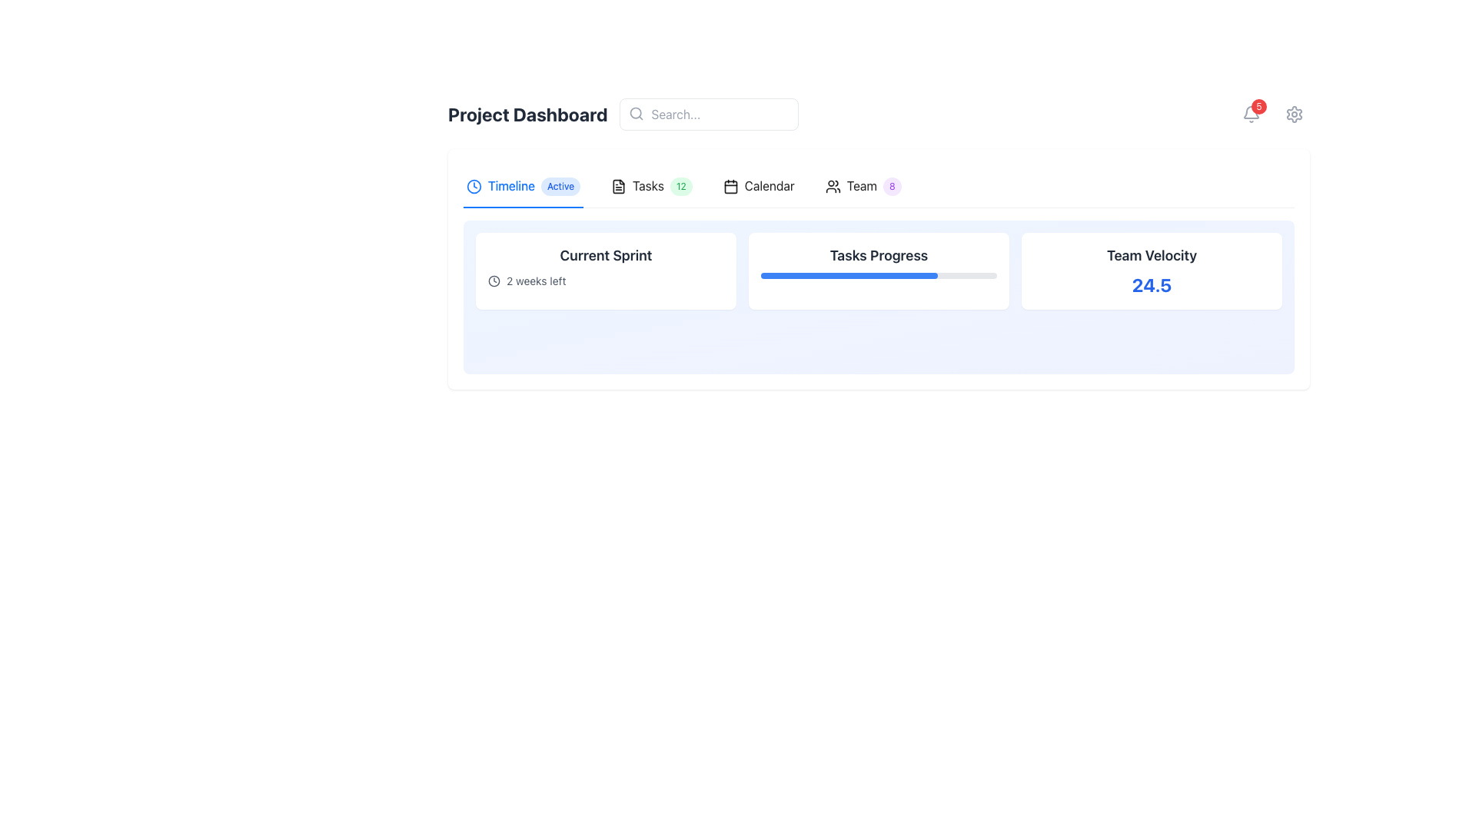 This screenshot has width=1476, height=830. I want to click on the calendar icon, which is outlined in black and features a square design with rounded corners, so click(730, 185).